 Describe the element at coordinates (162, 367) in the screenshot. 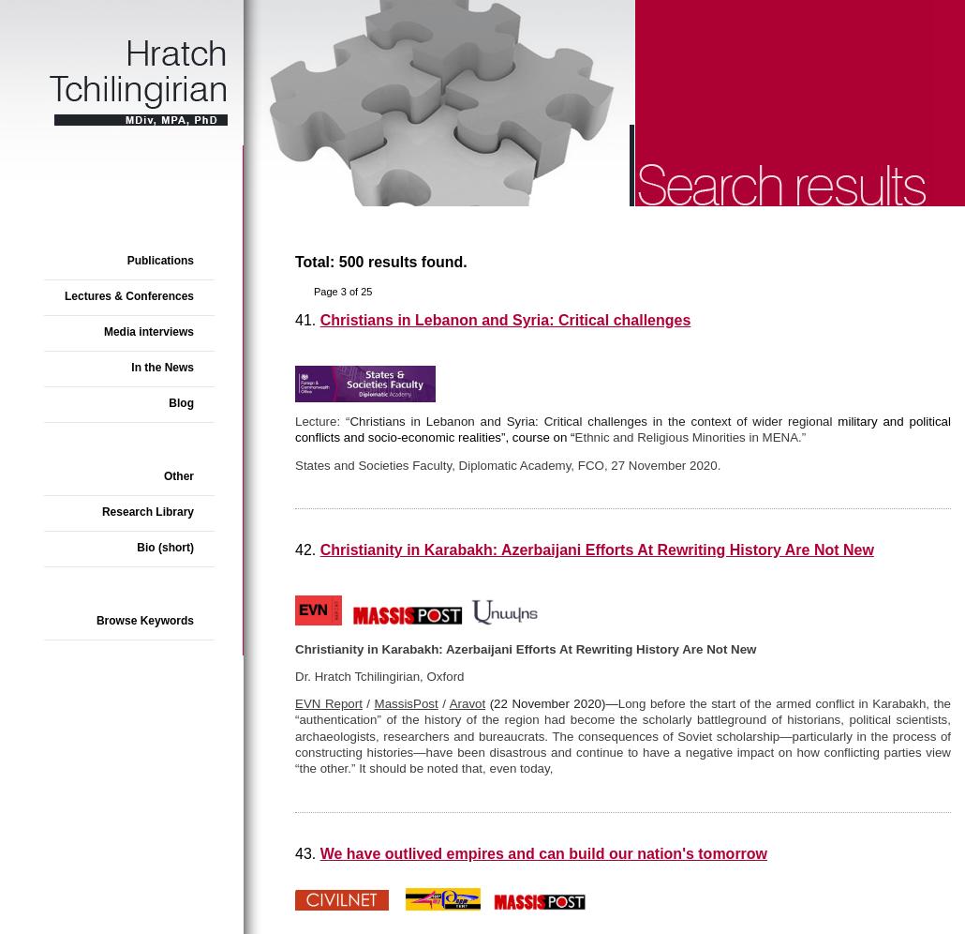

I see `'In the News'` at that location.